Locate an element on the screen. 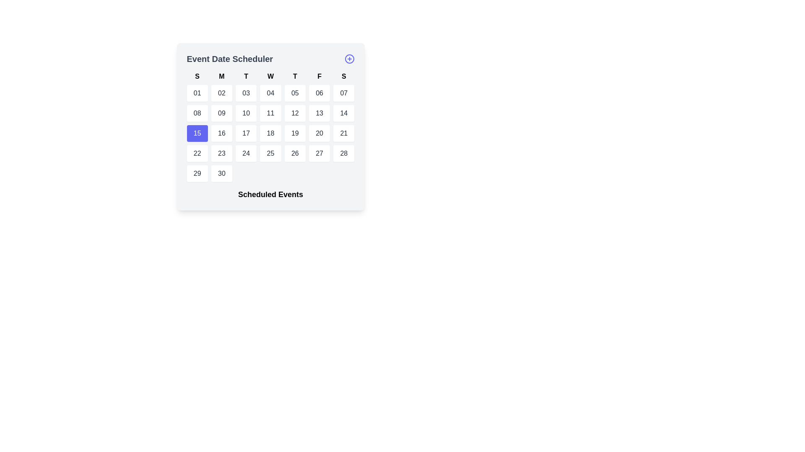  the selectable calendar day representing the 15th of the month is located at coordinates (197, 133).